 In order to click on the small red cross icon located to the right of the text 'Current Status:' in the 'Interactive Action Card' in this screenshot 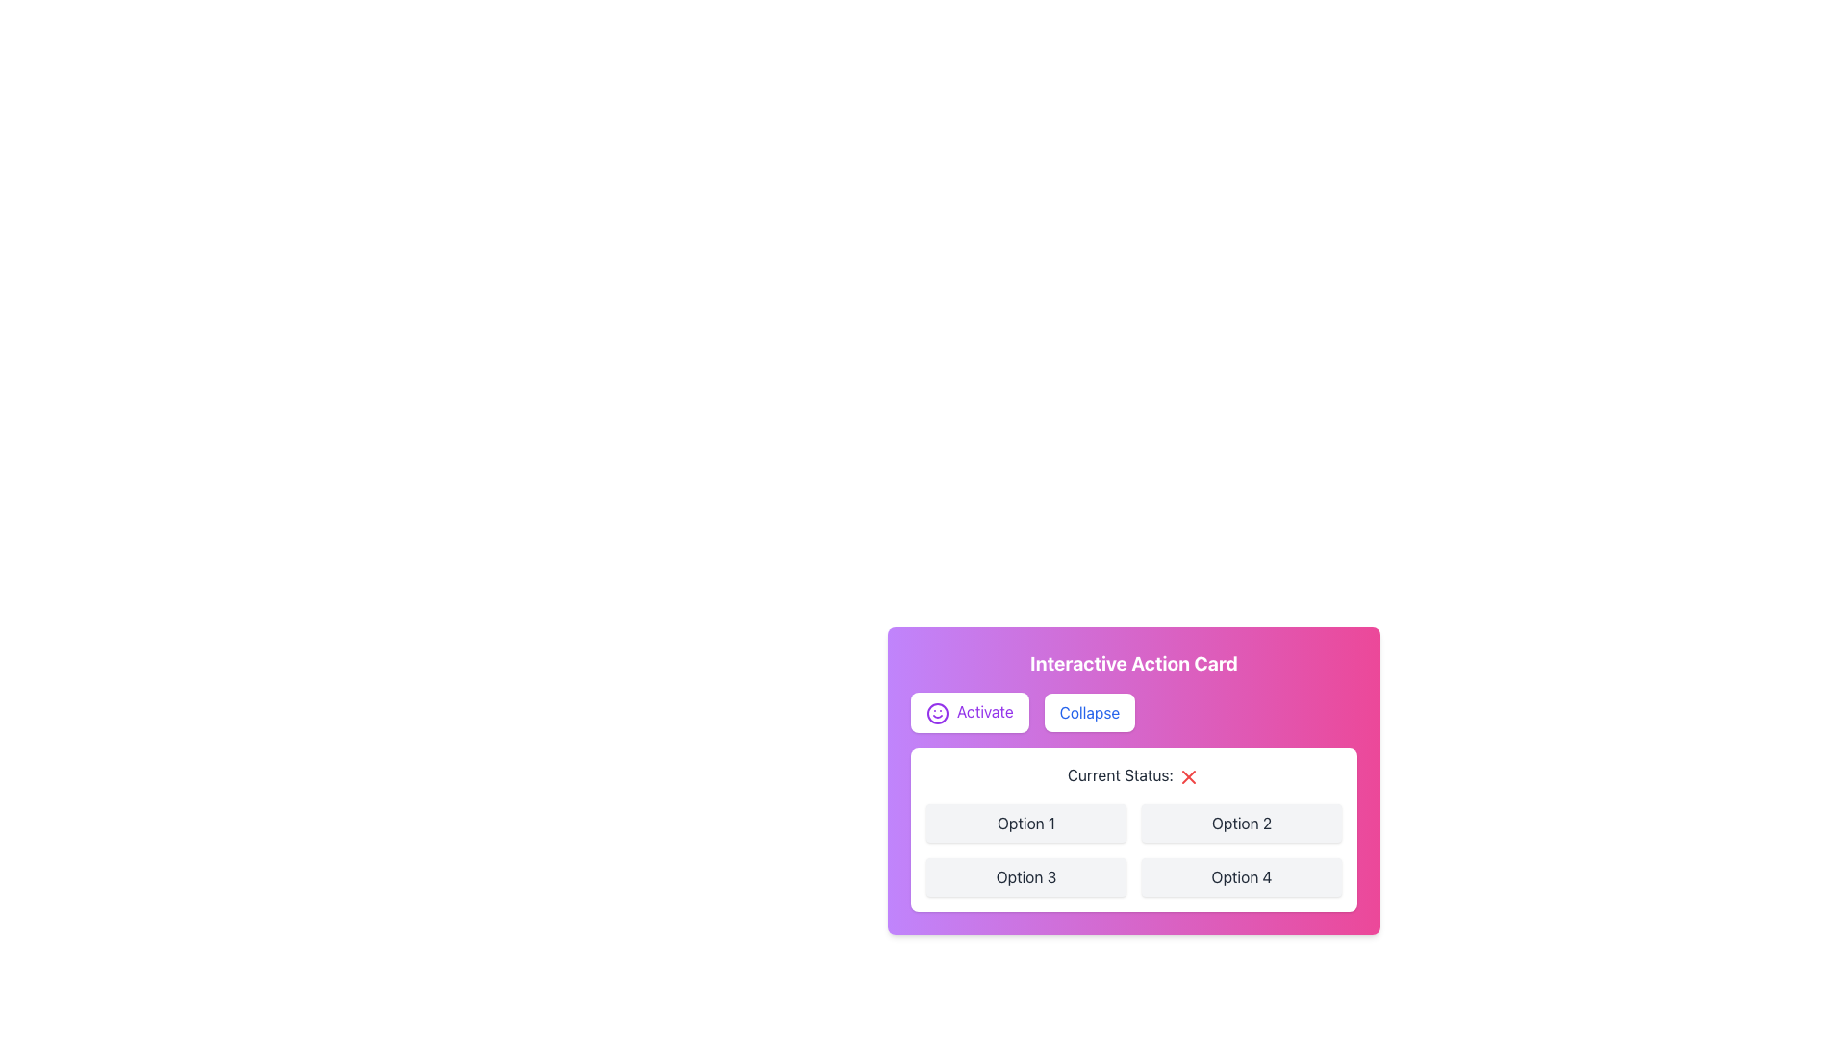, I will do `click(1188, 775)`.